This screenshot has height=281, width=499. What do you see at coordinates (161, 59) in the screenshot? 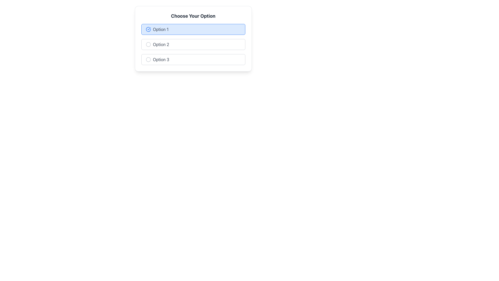
I see `the text label displaying 'Option 3' in gray, which is styled interactively and positioned to the right of a circular marker icon` at bounding box center [161, 59].